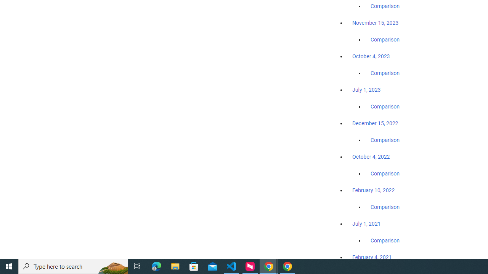  What do you see at coordinates (366, 223) in the screenshot?
I see `'July 1, 2021'` at bounding box center [366, 223].